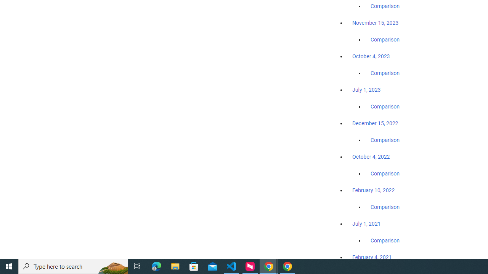  What do you see at coordinates (366, 223) in the screenshot?
I see `'July 1, 2021'` at bounding box center [366, 223].